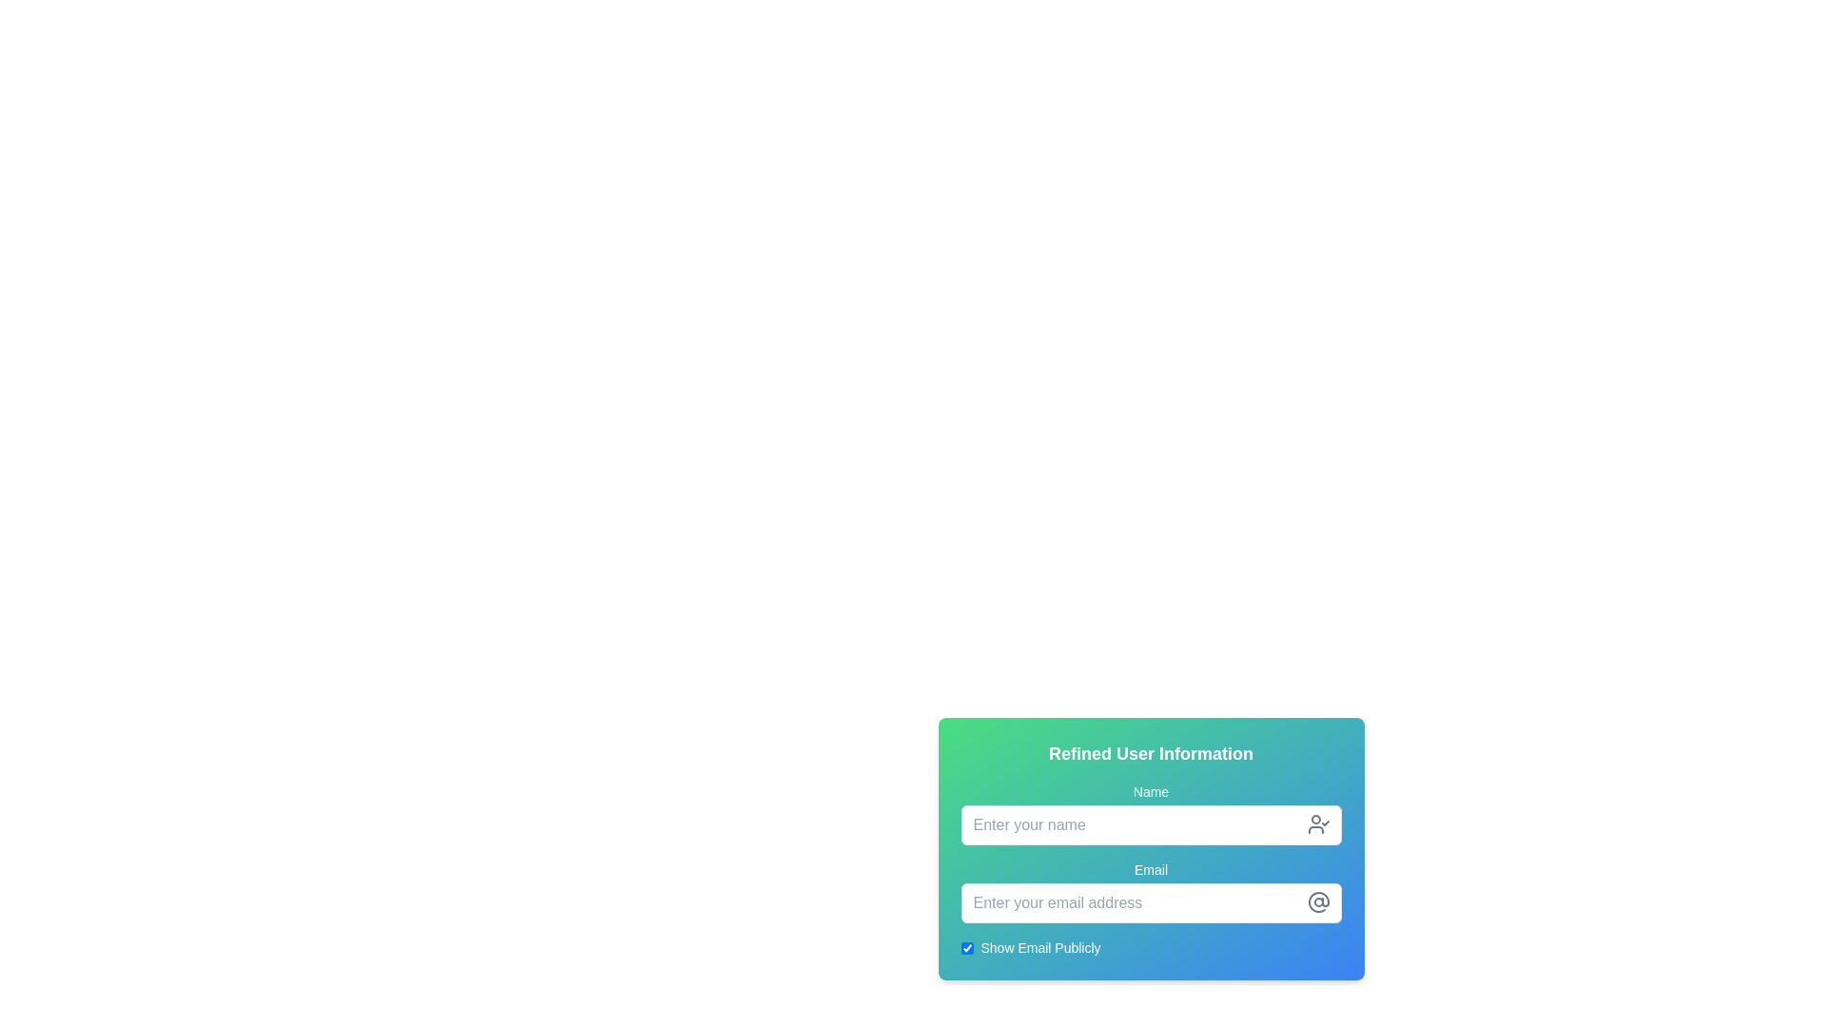  Describe the element at coordinates (1150, 869) in the screenshot. I see `the label that describes the email input field, which is centered horizontally above the email address input field in the user information form` at that location.